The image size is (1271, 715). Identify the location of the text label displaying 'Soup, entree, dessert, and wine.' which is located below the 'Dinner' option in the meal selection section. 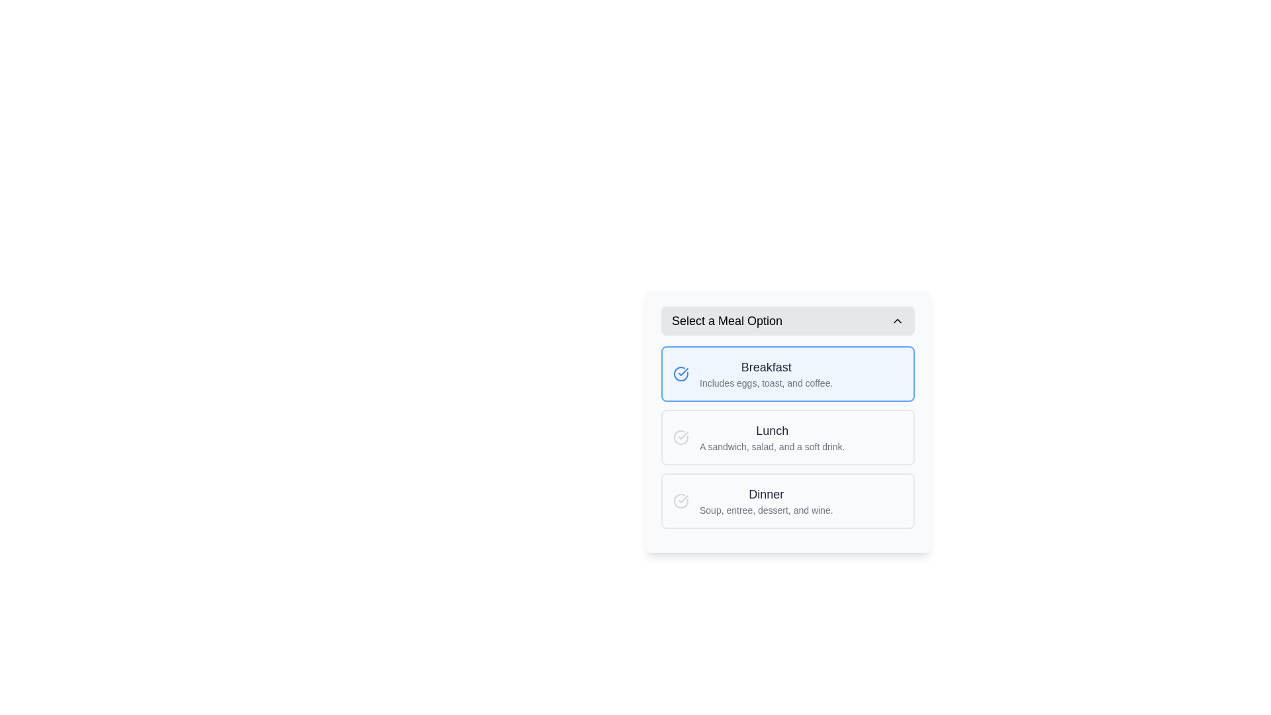
(766, 510).